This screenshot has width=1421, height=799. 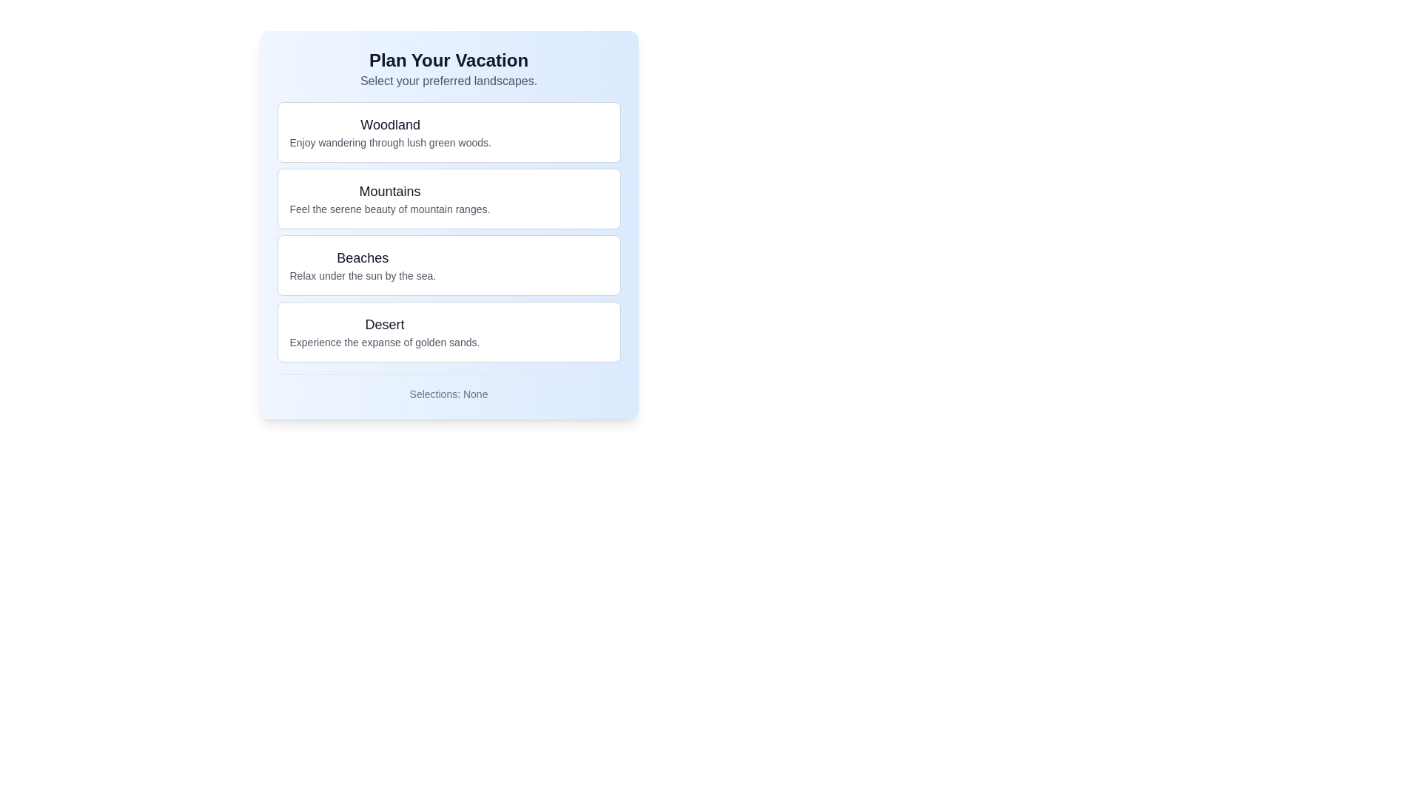 What do you see at coordinates (448, 393) in the screenshot?
I see `text displayed as 'Selections: None' in a small, light font located below the list of selectable options` at bounding box center [448, 393].